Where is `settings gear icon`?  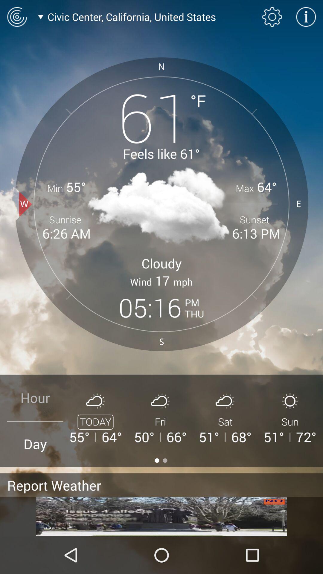
settings gear icon is located at coordinates (272, 17).